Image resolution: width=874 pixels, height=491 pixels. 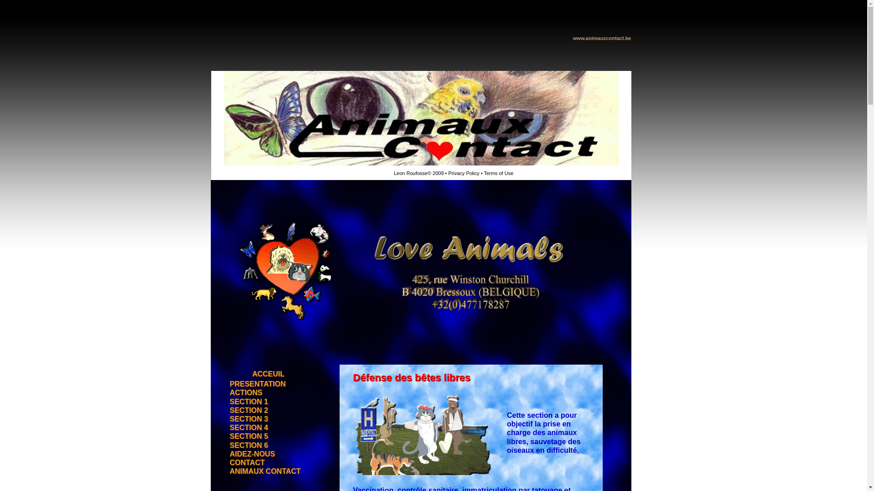 I want to click on 'Attention danger', so click(x=224, y=344).